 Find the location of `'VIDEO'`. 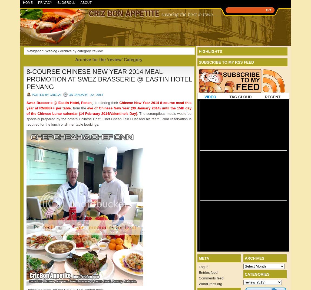

'VIDEO' is located at coordinates (210, 97).